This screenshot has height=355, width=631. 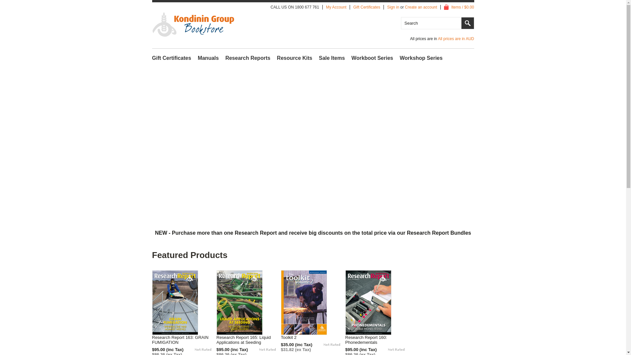 What do you see at coordinates (377, 340) in the screenshot?
I see `'Research Report 160: Phonedementals'` at bounding box center [377, 340].